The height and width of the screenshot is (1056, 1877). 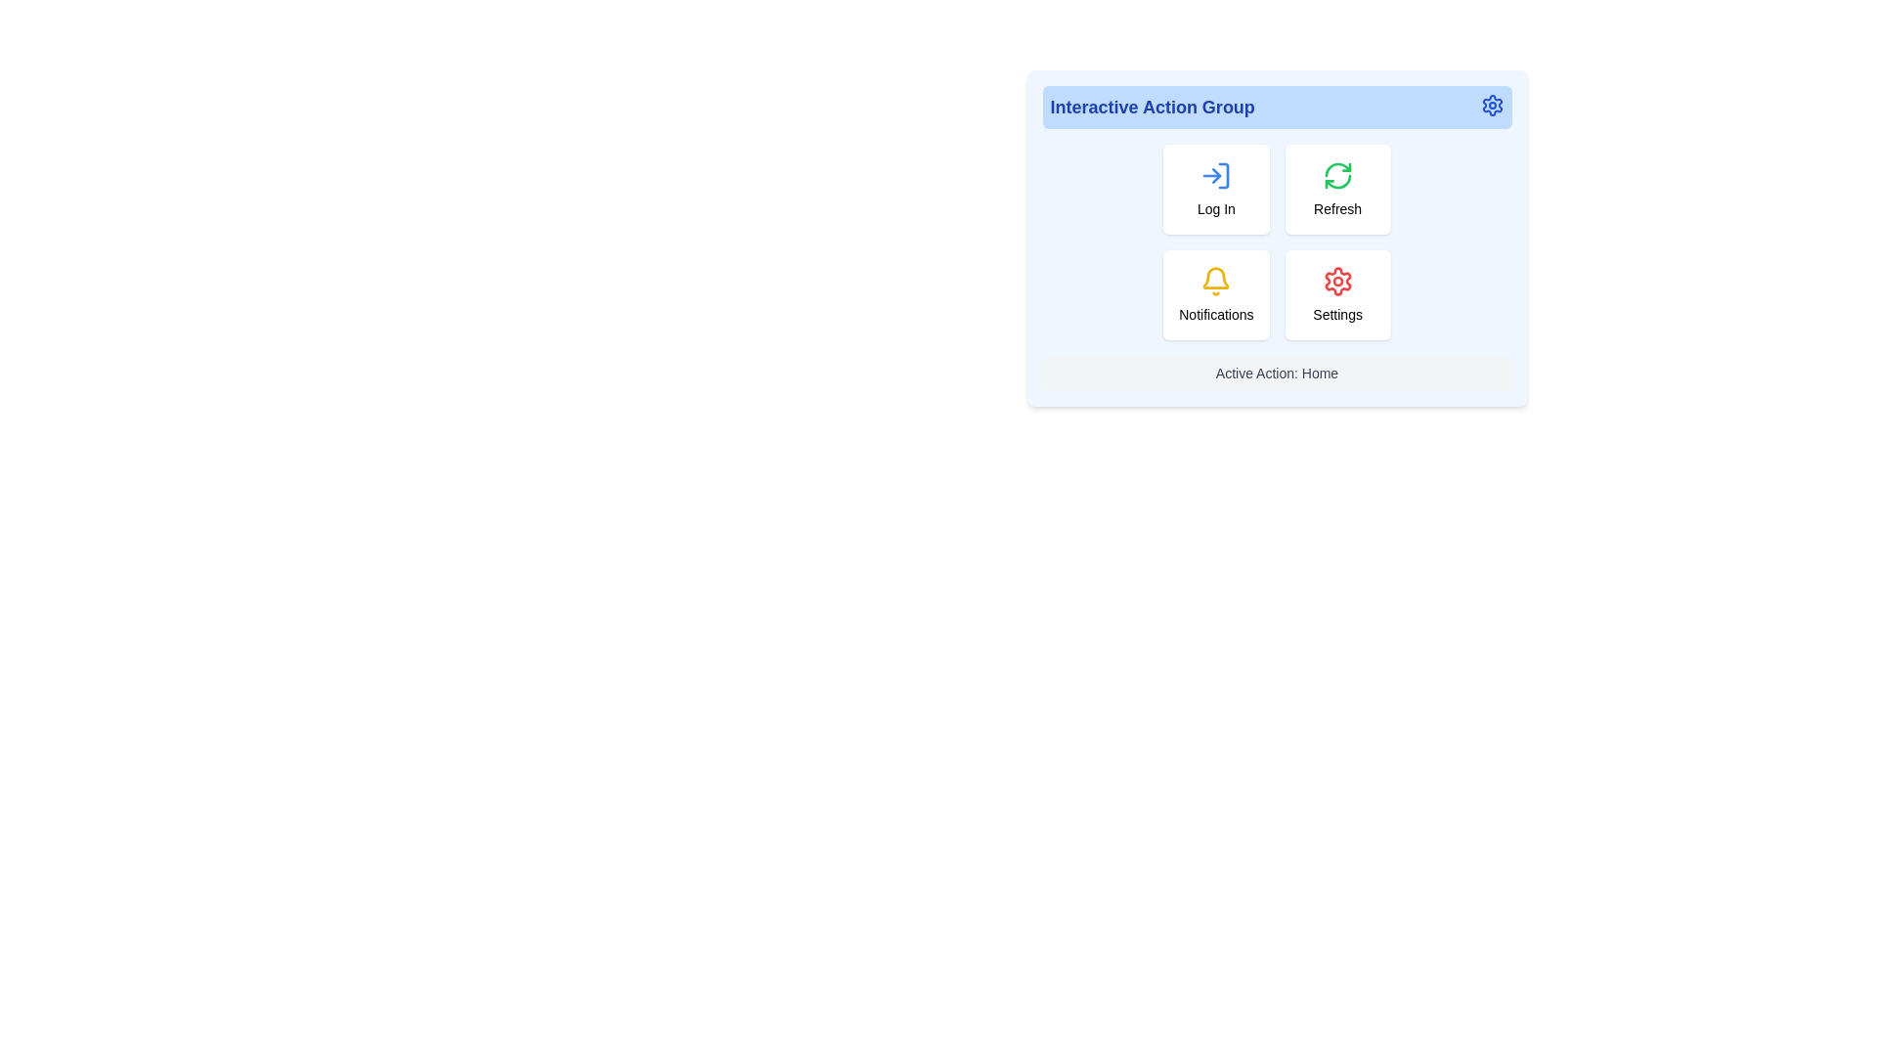 What do you see at coordinates (1336, 176) in the screenshot?
I see `the refresh icon located in the second column of the first row in the 'Interactive Action Group' section` at bounding box center [1336, 176].